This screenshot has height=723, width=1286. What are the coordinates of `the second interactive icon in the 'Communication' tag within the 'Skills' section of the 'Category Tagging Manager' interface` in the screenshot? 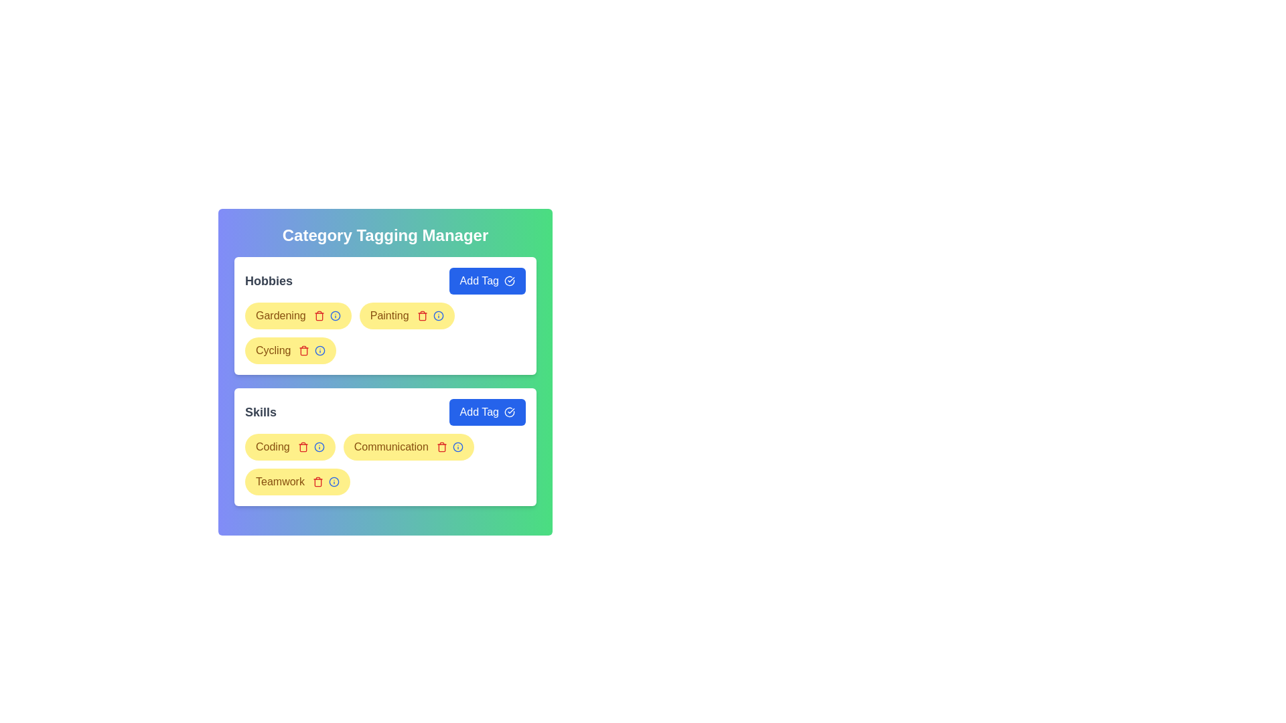 It's located at (441, 447).